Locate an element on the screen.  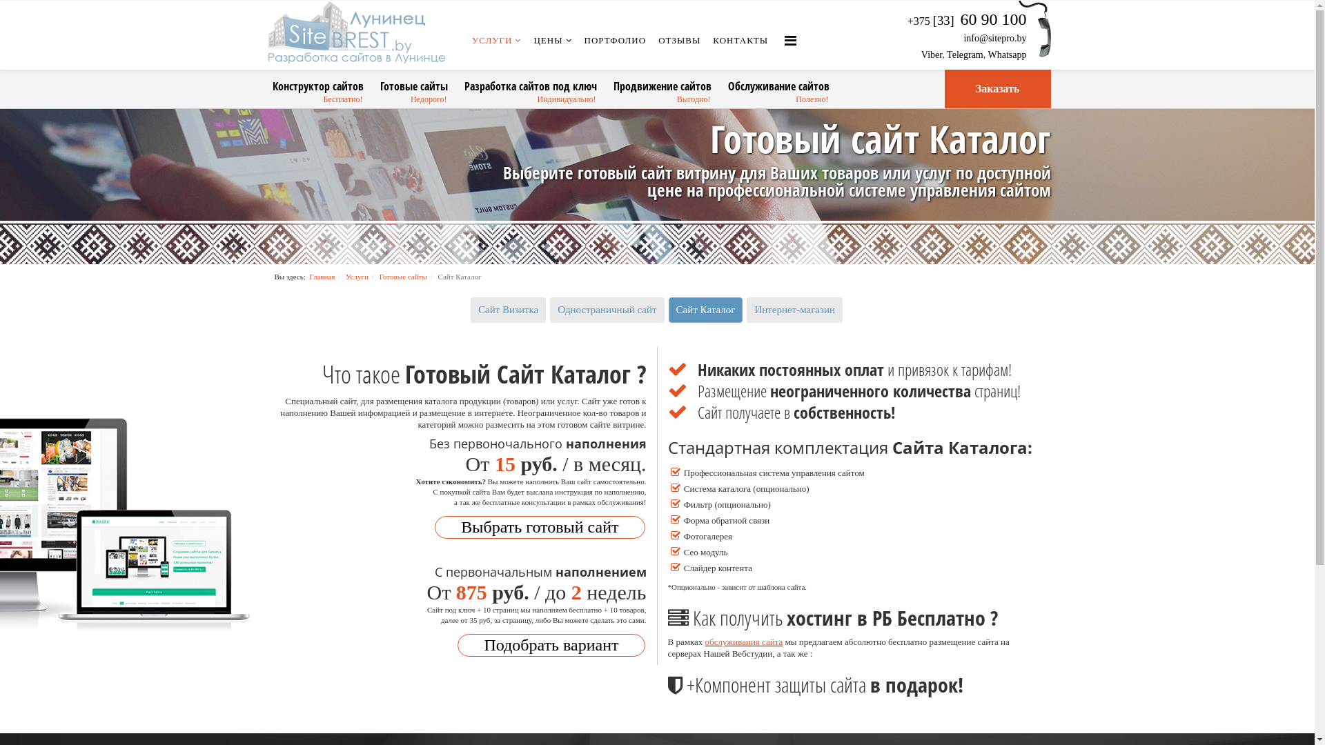
'info@sitepro.by' is located at coordinates (994, 37).